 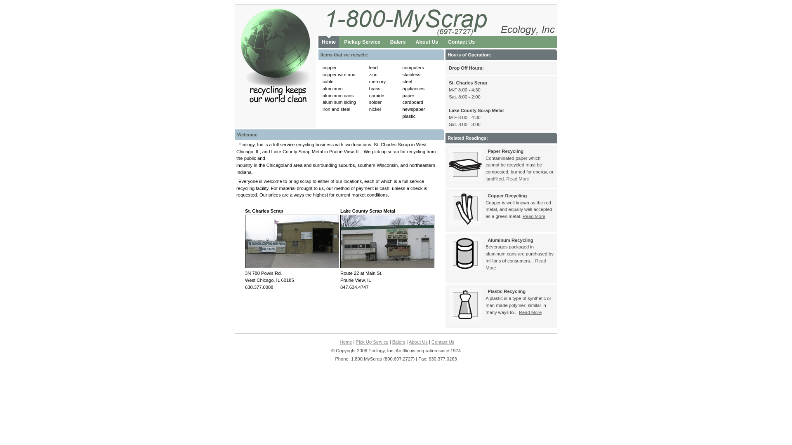 I want to click on 'About Us', so click(x=427, y=42).